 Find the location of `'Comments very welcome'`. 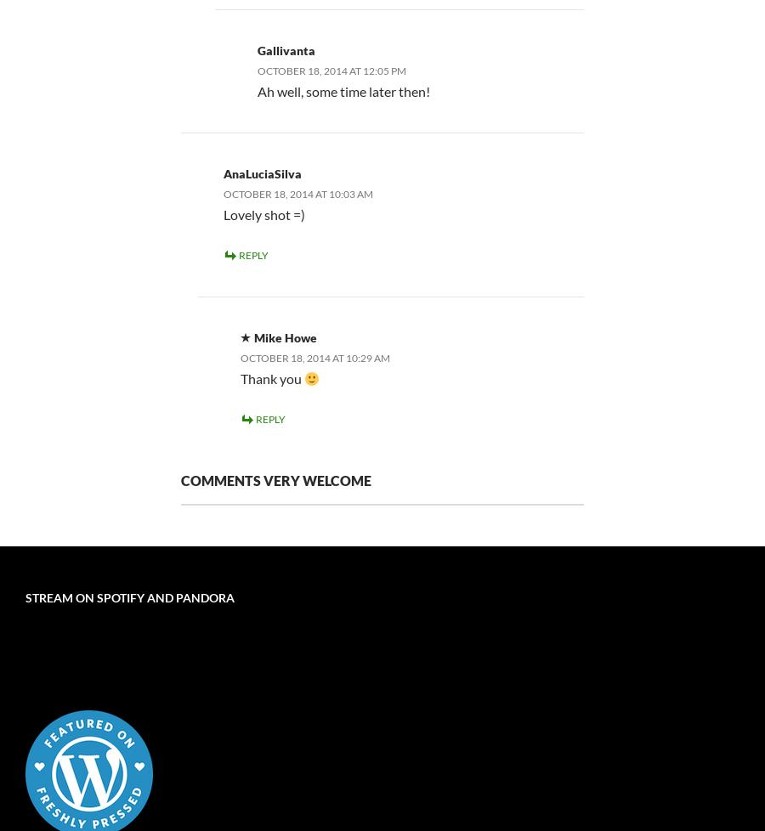

'Comments very welcome' is located at coordinates (275, 479).